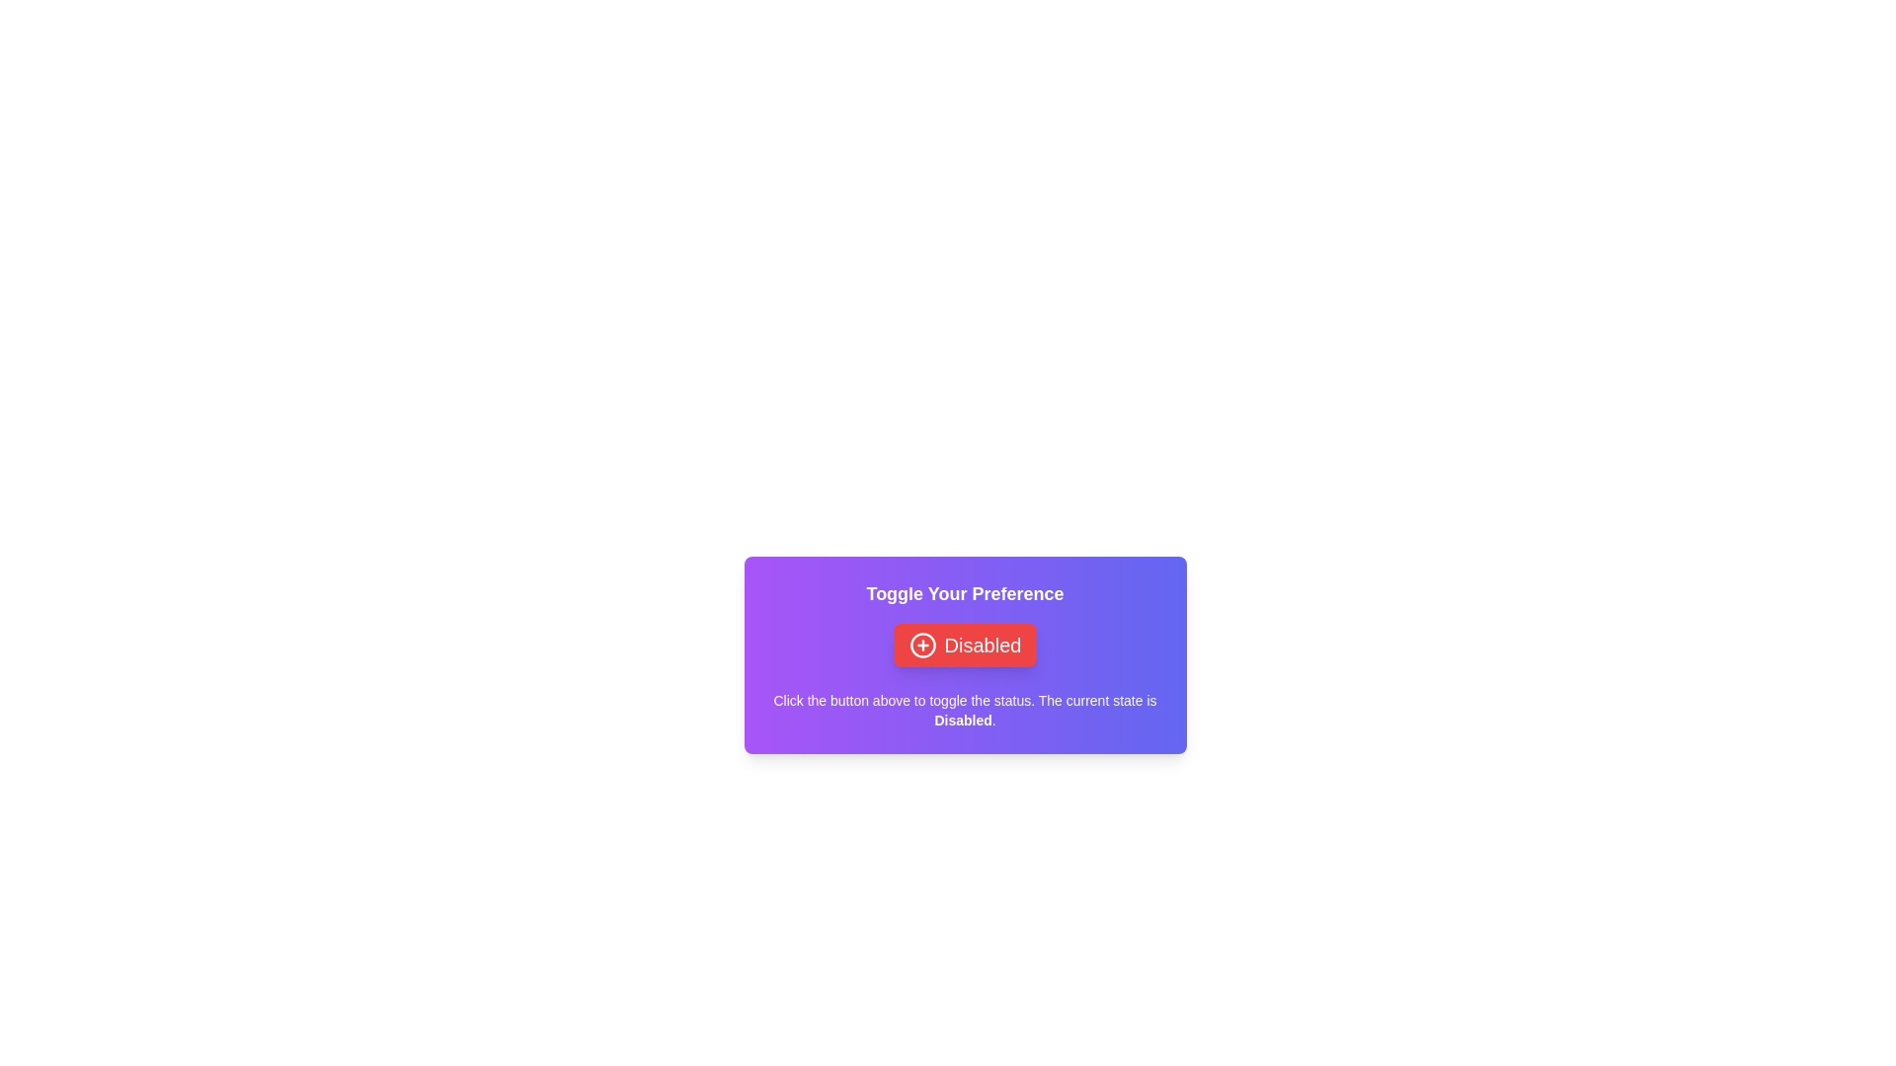 This screenshot has height=1066, width=1896. What do you see at coordinates (965, 646) in the screenshot?
I see `the button labeled 'Disabled' to toggle its state` at bounding box center [965, 646].